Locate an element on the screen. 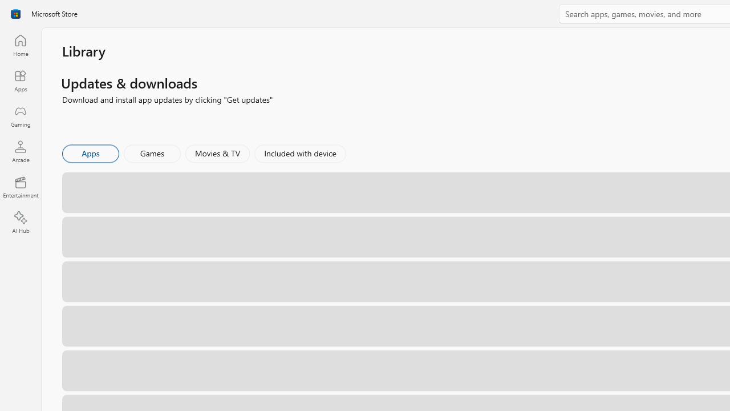 The height and width of the screenshot is (411, 730). 'Games' is located at coordinates (152, 152).